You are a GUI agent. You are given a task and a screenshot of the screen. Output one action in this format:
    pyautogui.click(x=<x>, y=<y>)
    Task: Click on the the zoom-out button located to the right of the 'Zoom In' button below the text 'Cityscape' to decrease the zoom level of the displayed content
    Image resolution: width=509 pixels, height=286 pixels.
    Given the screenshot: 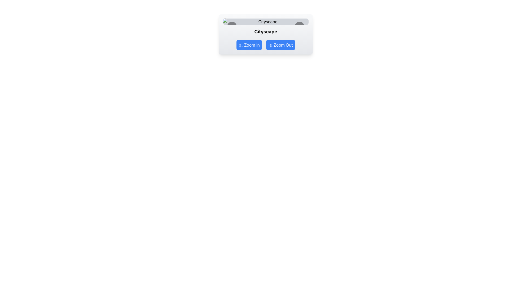 What is the action you would take?
    pyautogui.click(x=280, y=44)
    